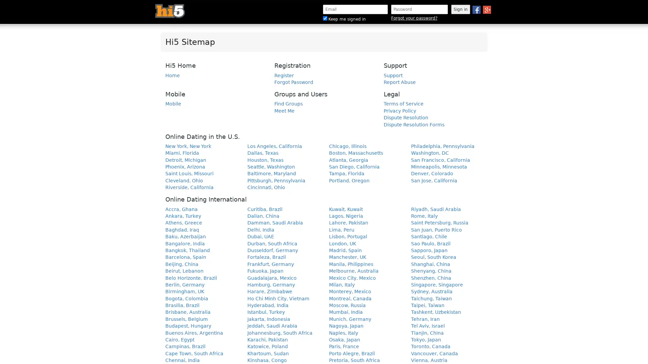  I want to click on Sign in, so click(460, 9).